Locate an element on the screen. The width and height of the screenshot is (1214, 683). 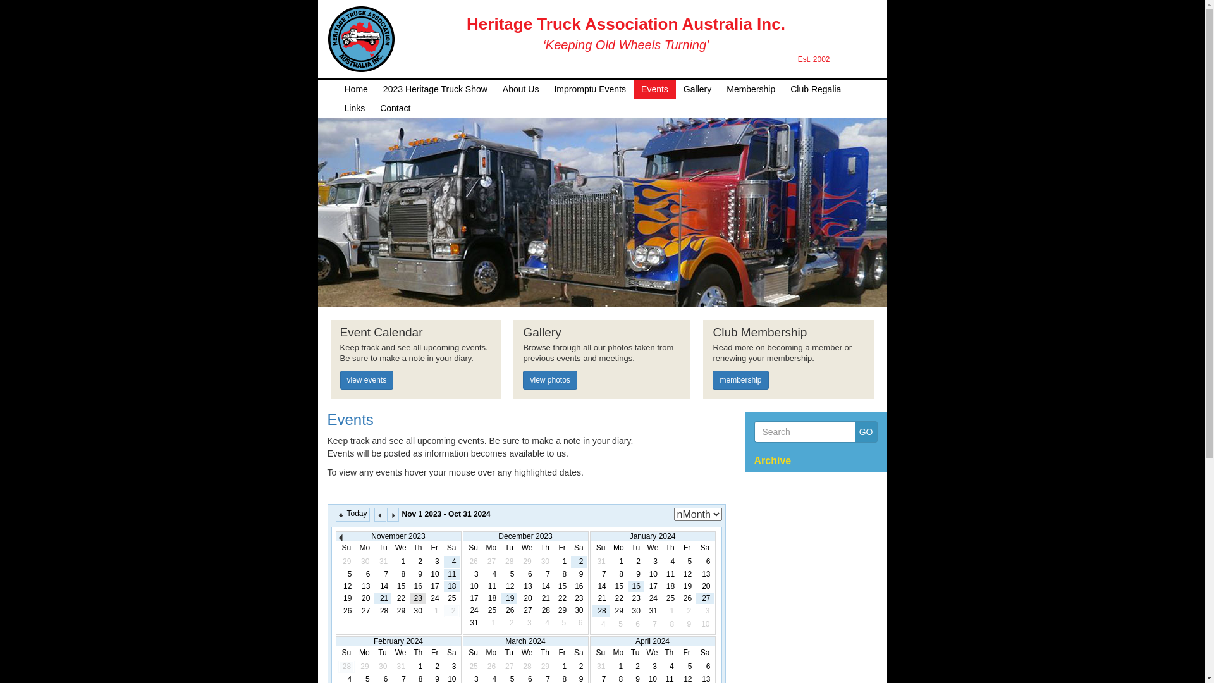
'Next' is located at coordinates (392, 514).